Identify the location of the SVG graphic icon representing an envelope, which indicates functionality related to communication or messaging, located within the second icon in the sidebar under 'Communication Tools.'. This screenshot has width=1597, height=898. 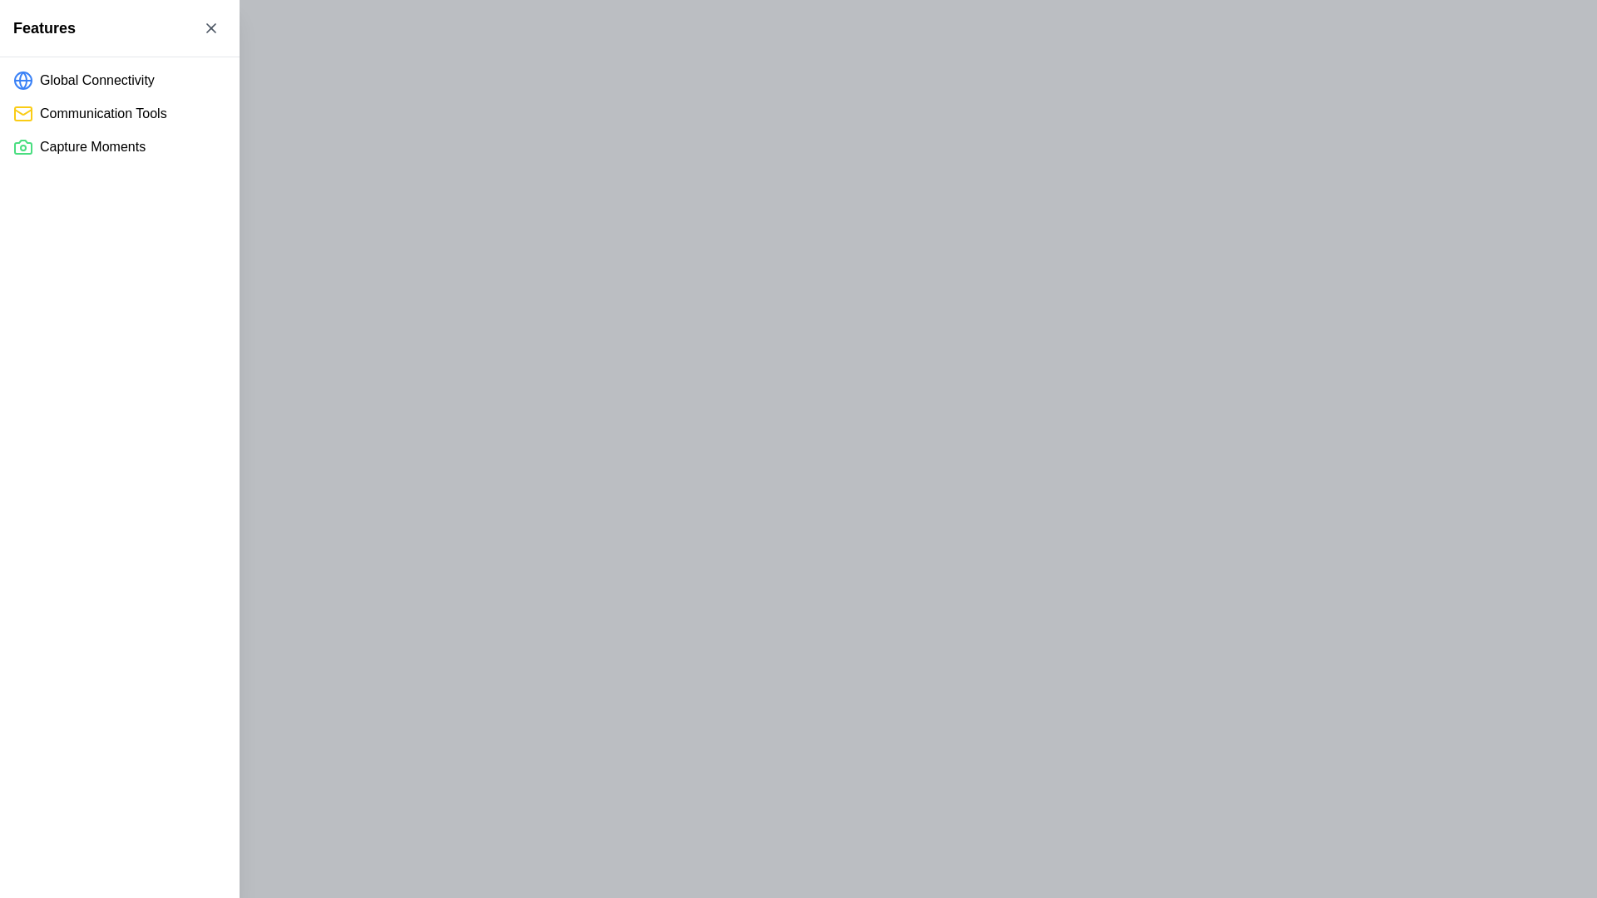
(23, 113).